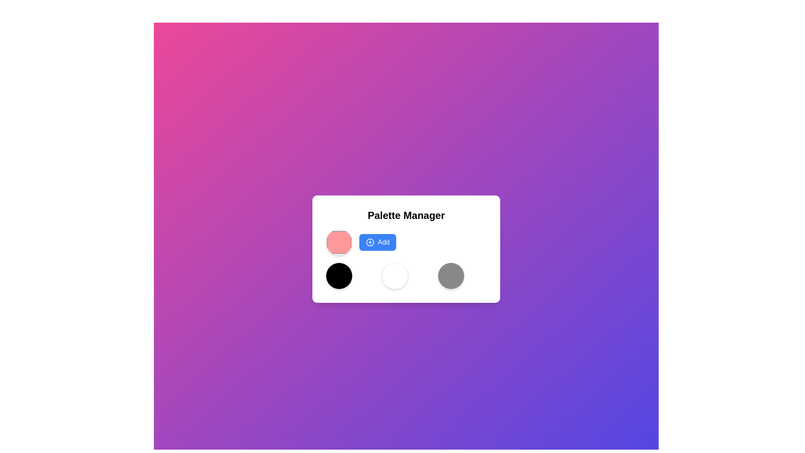 The height and width of the screenshot is (453, 805). Describe the element at coordinates (370, 242) in the screenshot. I see `the circle component of the SVG icon that is part of the plus sign, located next to the 'Add' button` at that location.